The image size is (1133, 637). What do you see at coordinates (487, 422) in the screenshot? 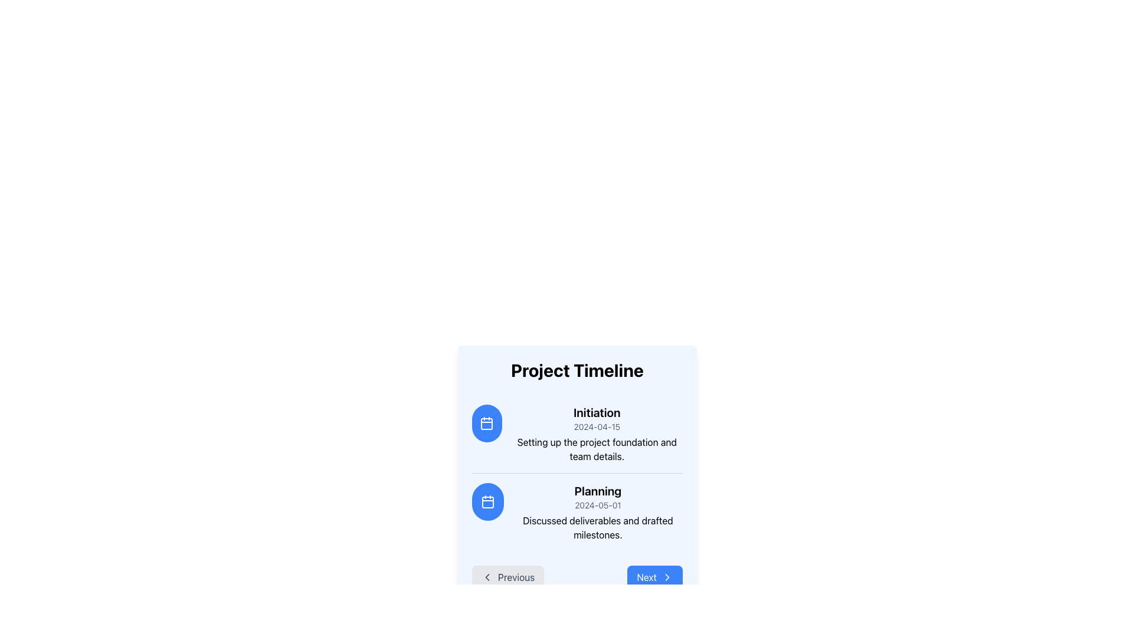
I see `the first calendar icon in the Project Timeline card` at bounding box center [487, 422].